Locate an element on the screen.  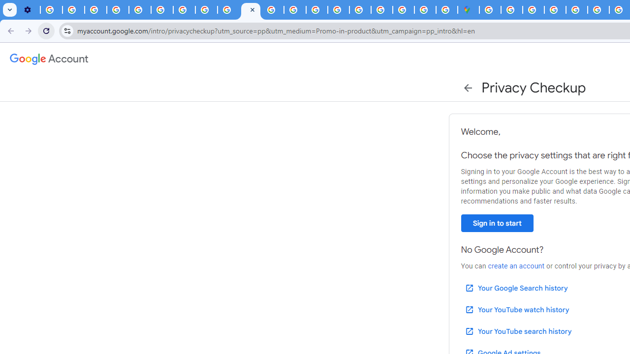
'Sign in to start' is located at coordinates (497, 223).